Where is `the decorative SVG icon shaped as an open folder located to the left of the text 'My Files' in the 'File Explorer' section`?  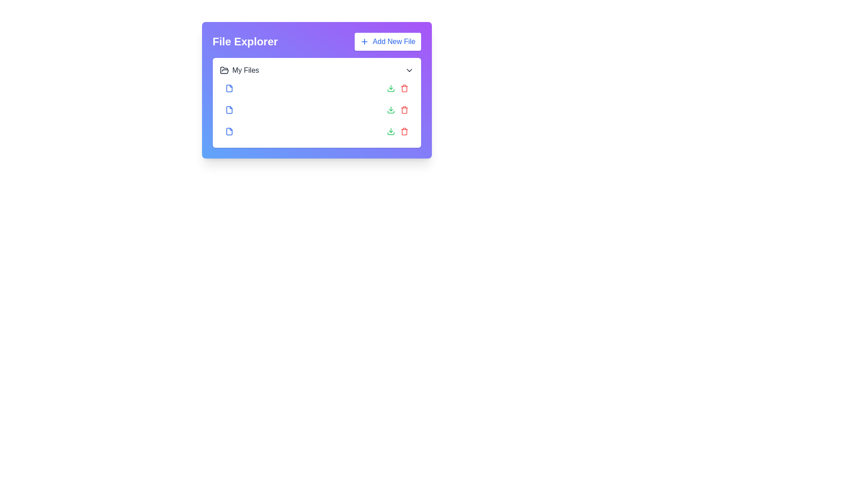 the decorative SVG icon shaped as an open folder located to the left of the text 'My Files' in the 'File Explorer' section is located at coordinates (224, 70).